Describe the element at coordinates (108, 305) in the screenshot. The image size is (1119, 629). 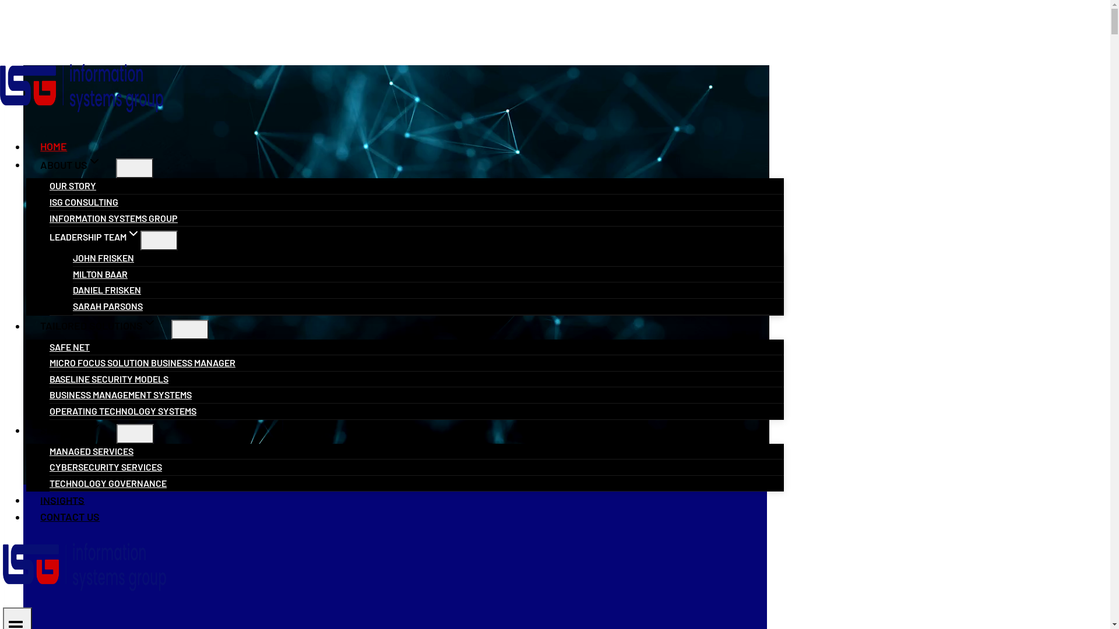
I see `'SARAH PARSONS'` at that location.